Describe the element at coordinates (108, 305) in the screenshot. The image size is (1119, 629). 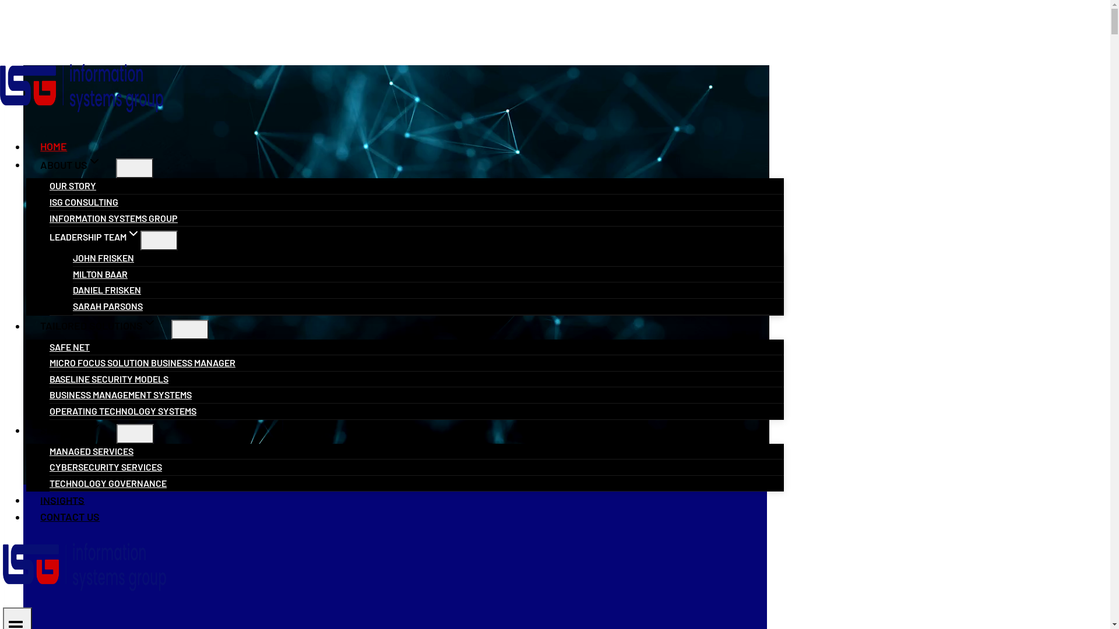
I see `'SARAH PARSONS'` at that location.